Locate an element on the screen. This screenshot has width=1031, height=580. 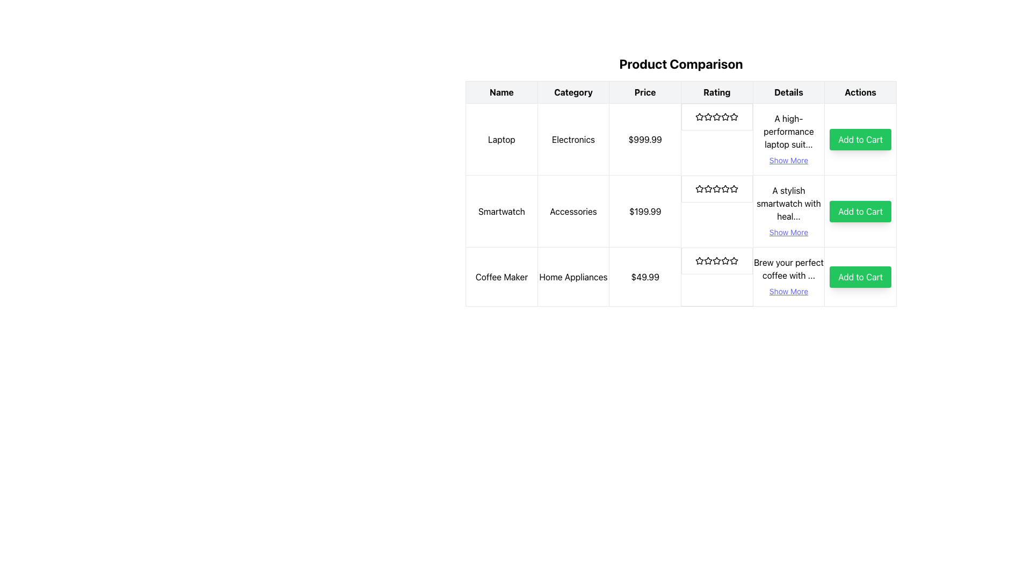
the 'Coffee Maker' text label is located at coordinates (501, 276).